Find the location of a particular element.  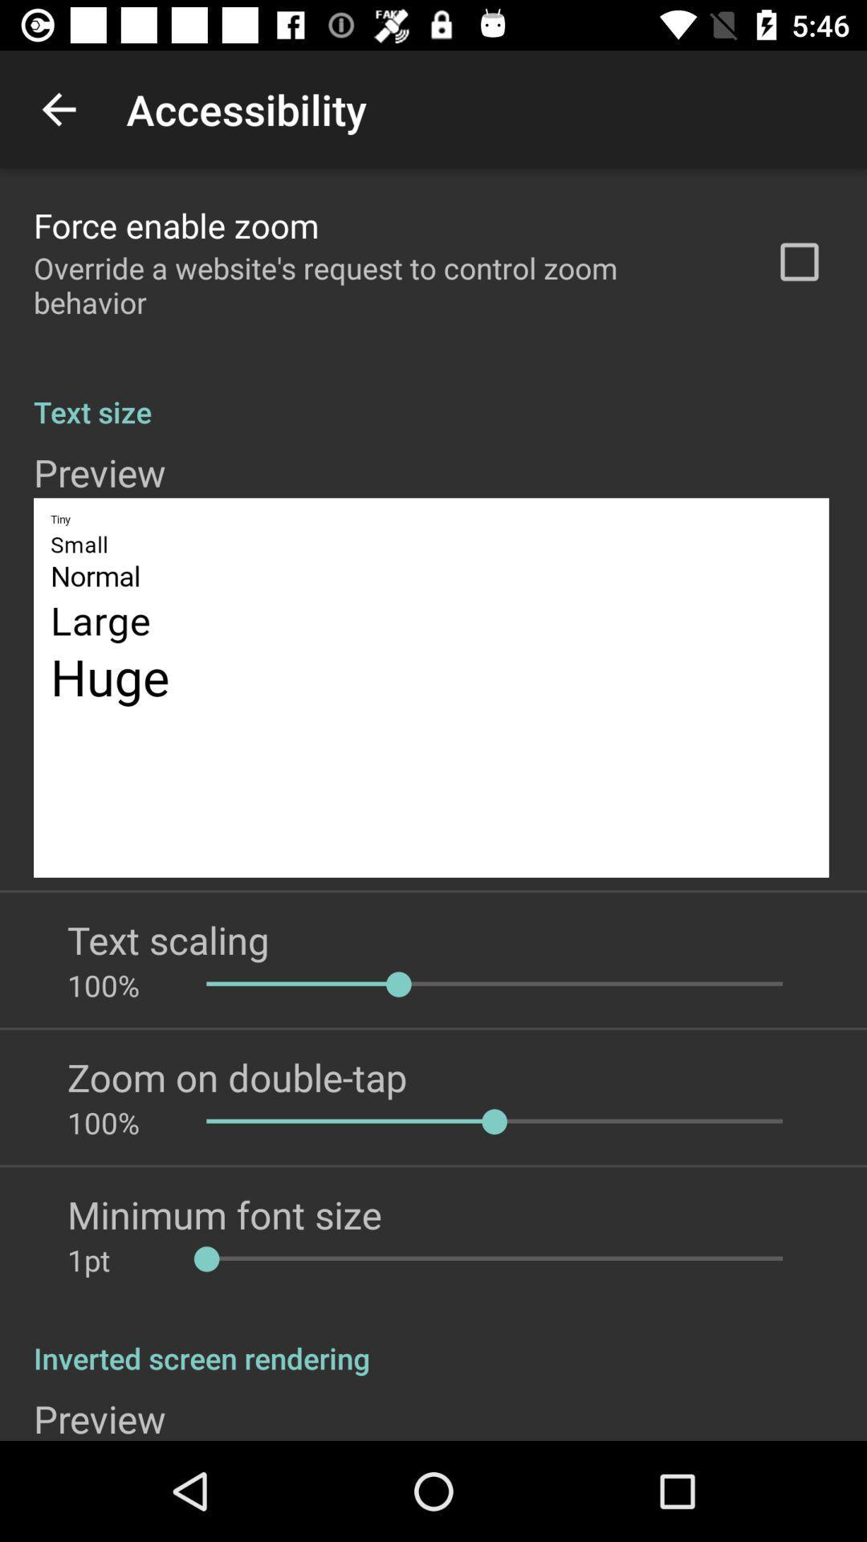

the icon next to the accessibility is located at coordinates (58, 108).